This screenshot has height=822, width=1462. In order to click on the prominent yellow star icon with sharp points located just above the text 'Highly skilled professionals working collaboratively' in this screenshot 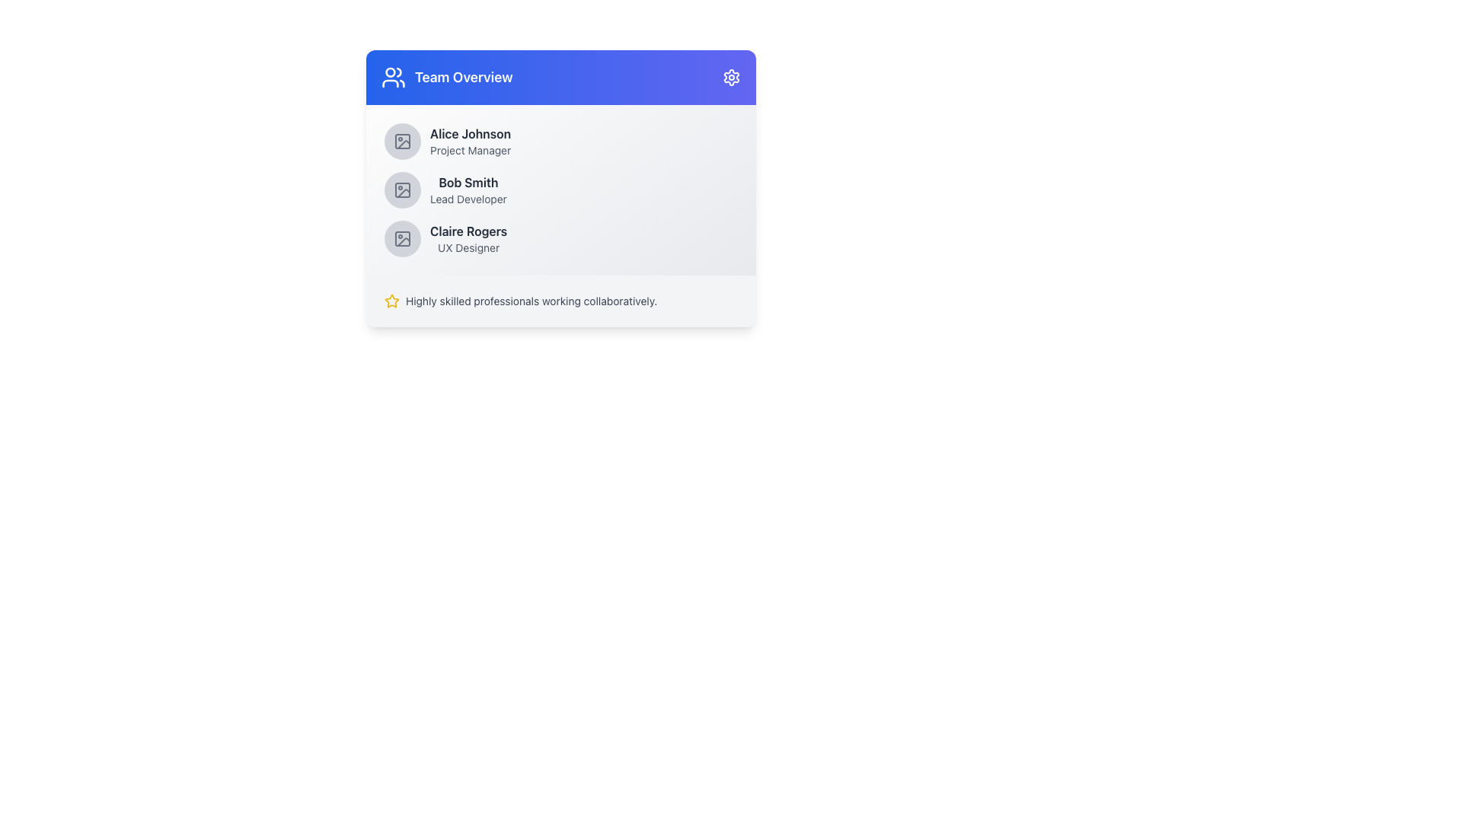, I will do `click(391, 301)`.